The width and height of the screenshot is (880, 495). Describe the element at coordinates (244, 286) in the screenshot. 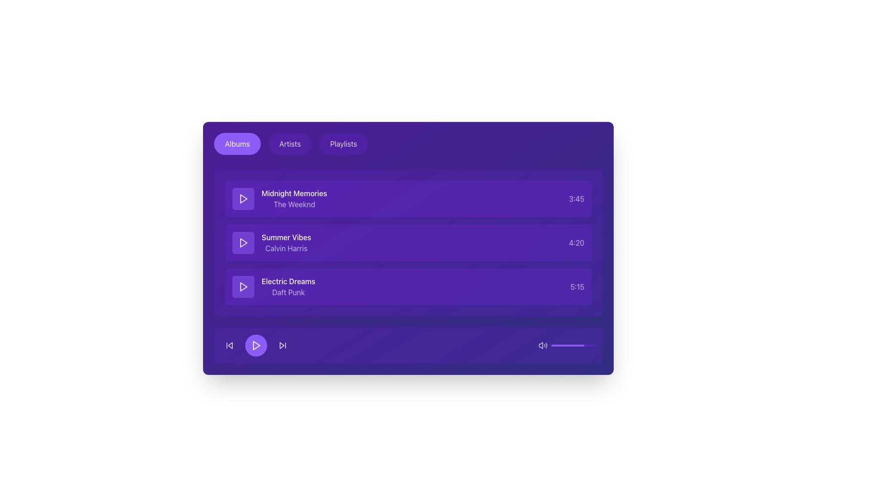

I see `the triangular-shaped play button icon with a purple background located within the 'Electric Dreams' list item by 'Daft Punk' to initiate playback` at that location.